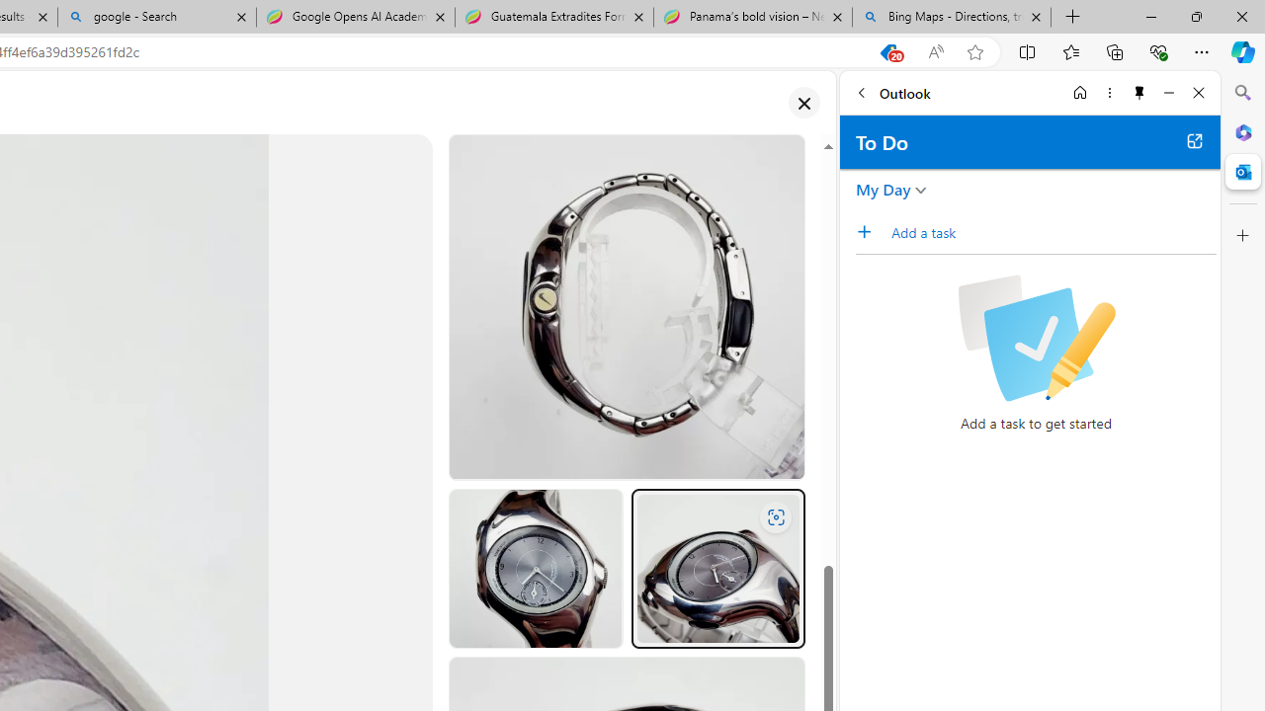  I want to click on 'Add a task', so click(1052, 231).